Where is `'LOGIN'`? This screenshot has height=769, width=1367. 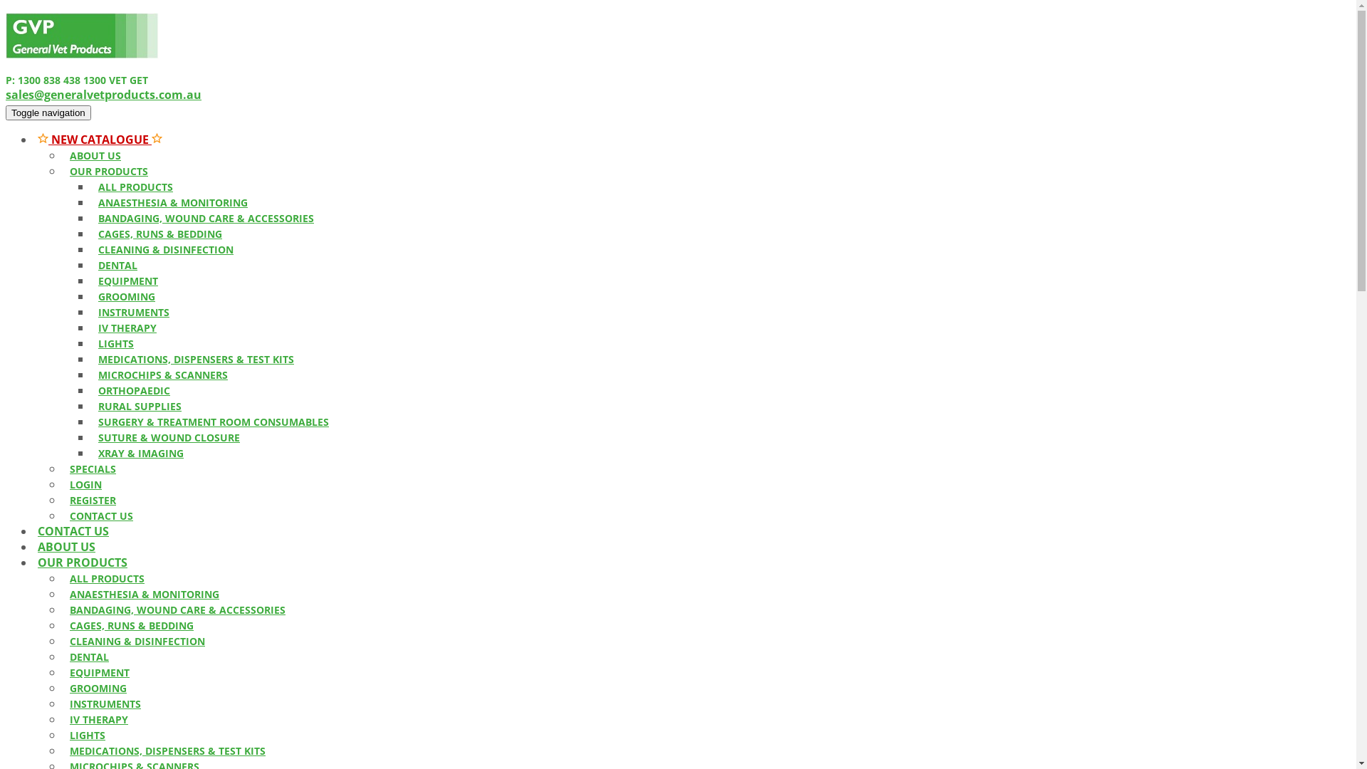 'LOGIN' is located at coordinates (85, 483).